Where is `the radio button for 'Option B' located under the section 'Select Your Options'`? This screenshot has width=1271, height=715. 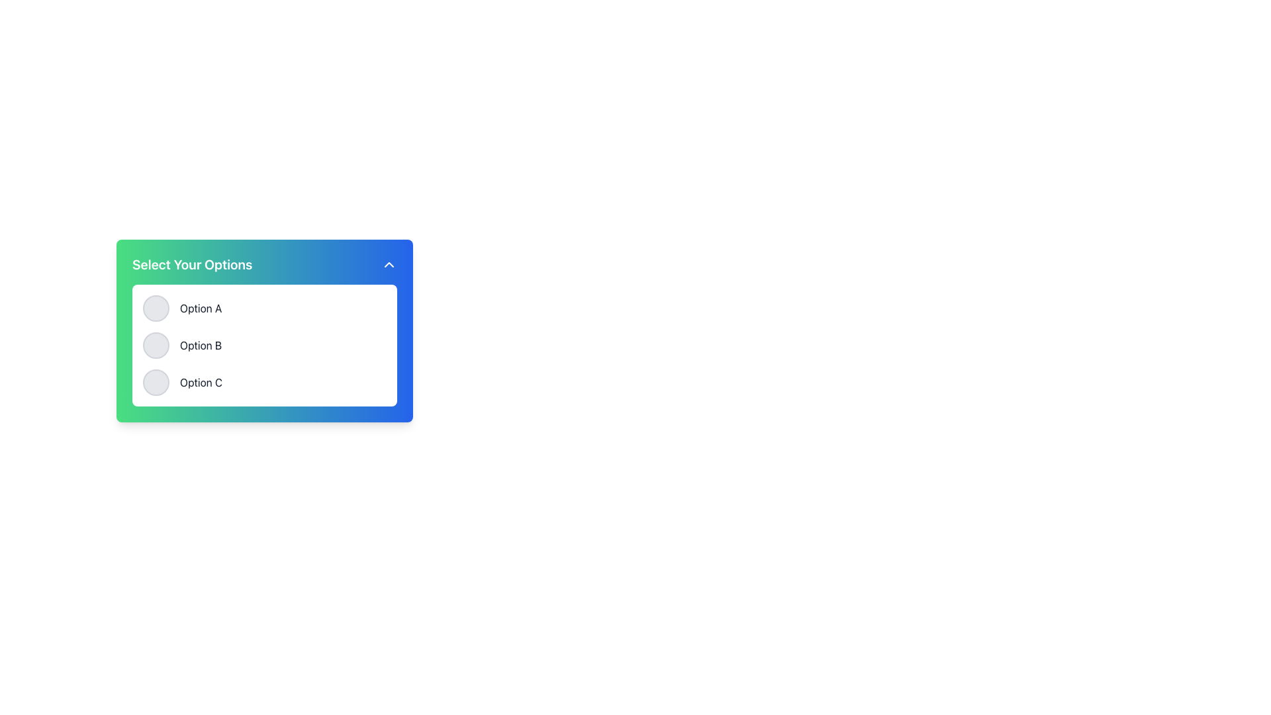 the radio button for 'Option B' located under the section 'Select Your Options' is located at coordinates (156, 344).